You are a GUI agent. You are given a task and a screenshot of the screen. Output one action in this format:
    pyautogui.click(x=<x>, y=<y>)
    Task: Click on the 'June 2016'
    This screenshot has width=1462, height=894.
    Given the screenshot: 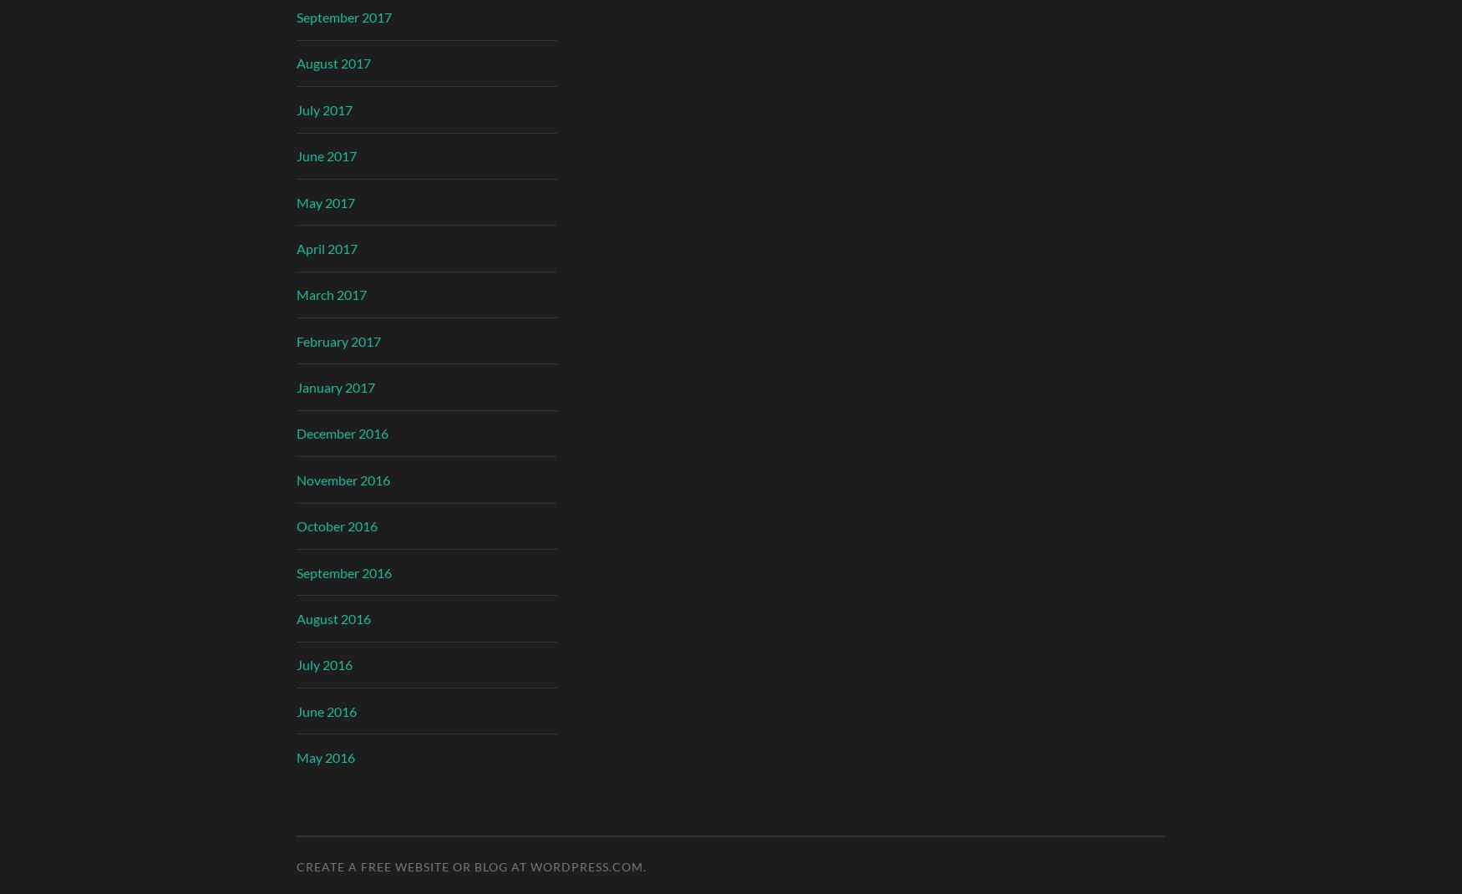 What is the action you would take?
    pyautogui.click(x=297, y=710)
    